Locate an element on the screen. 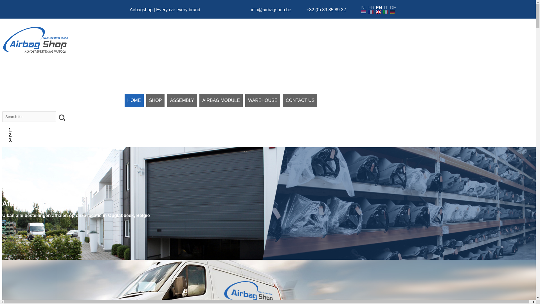 This screenshot has width=540, height=304. 'WAREHOUSE' is located at coordinates (262, 100).